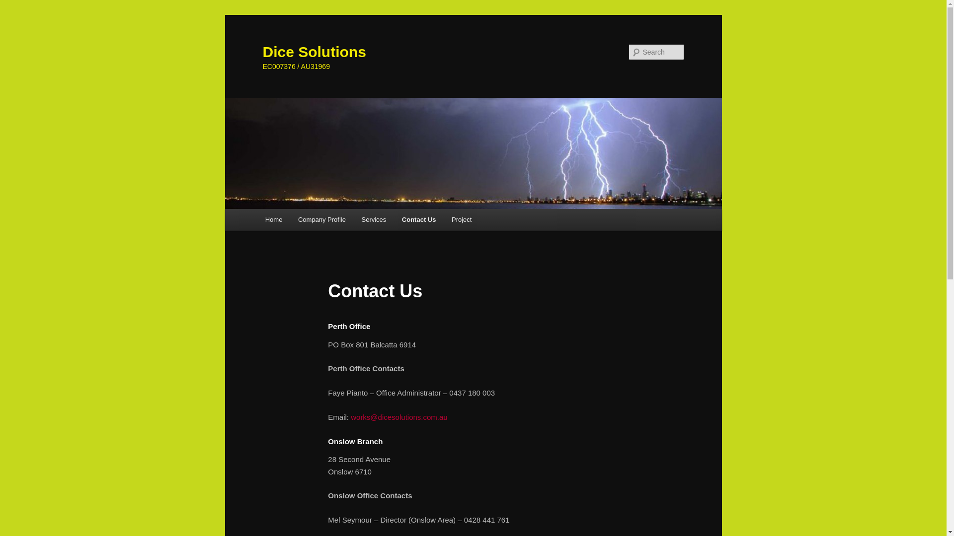 The height and width of the screenshot is (536, 954). What do you see at coordinates (274, 219) in the screenshot?
I see `'Home'` at bounding box center [274, 219].